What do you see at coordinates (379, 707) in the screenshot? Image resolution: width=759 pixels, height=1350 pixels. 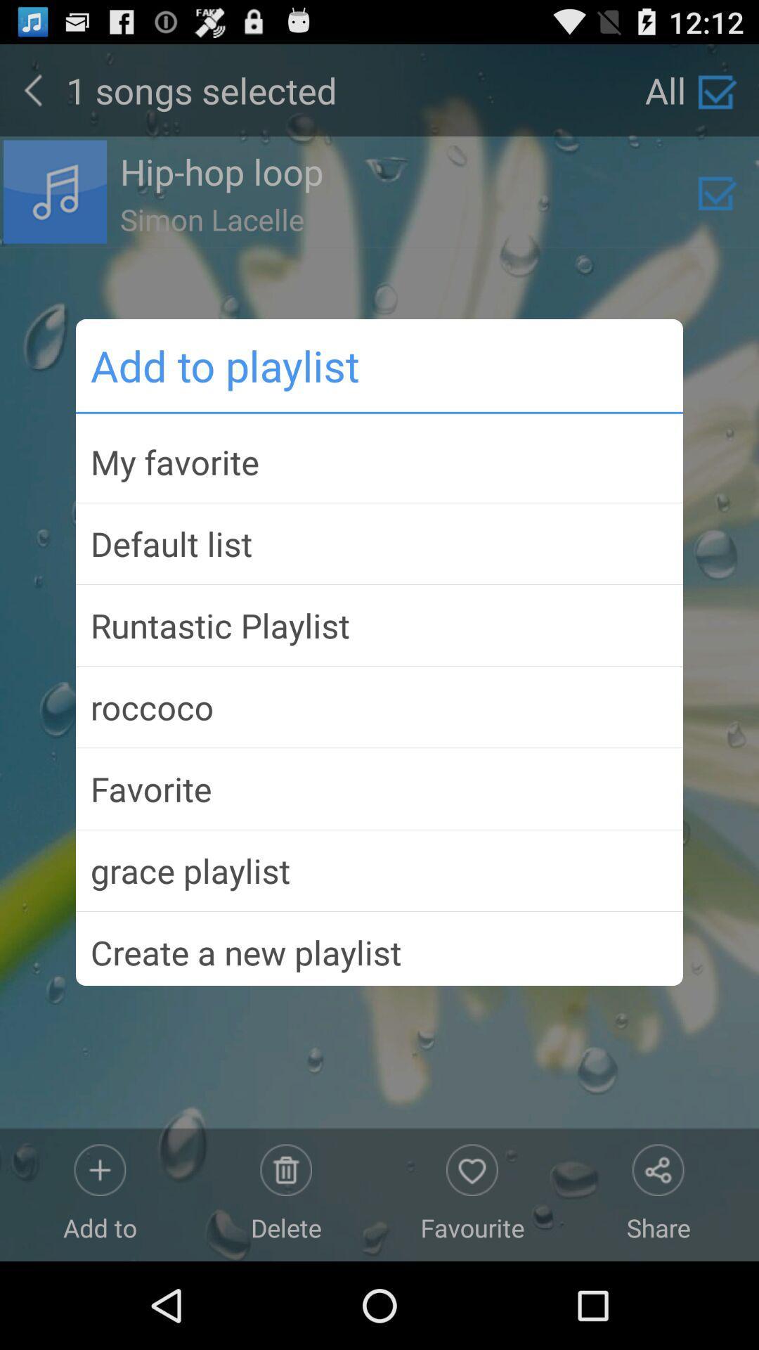 I see `the icon above the favorite item` at bounding box center [379, 707].